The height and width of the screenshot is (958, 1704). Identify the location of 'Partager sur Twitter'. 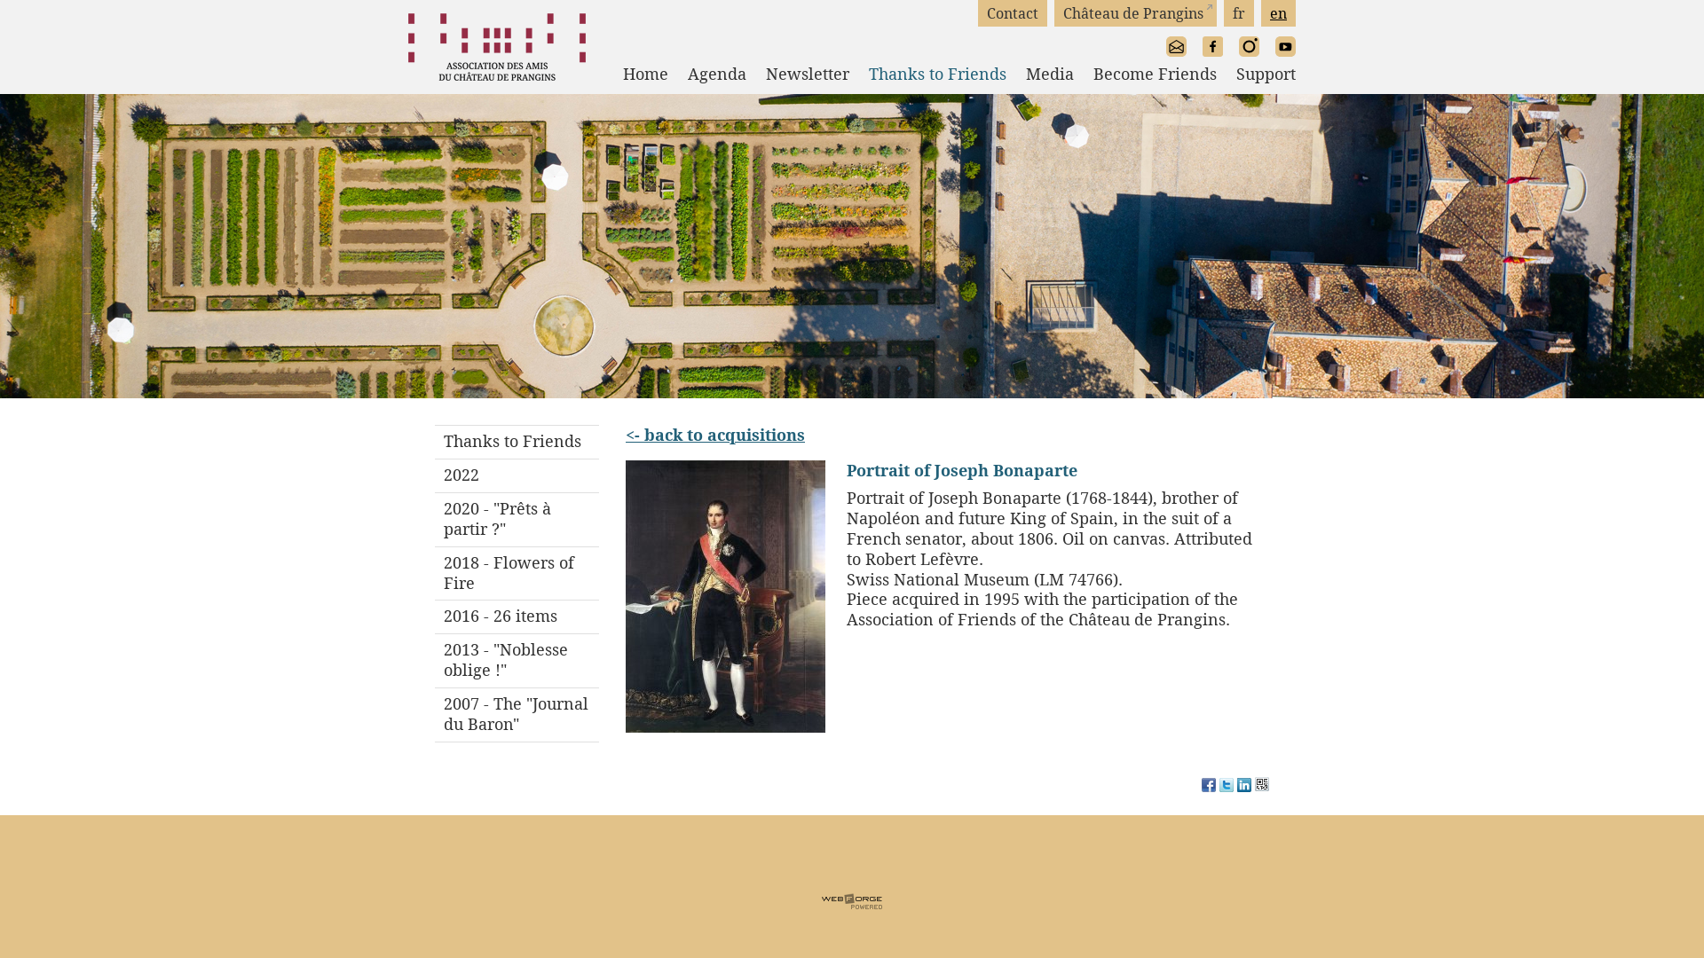
(1226, 786).